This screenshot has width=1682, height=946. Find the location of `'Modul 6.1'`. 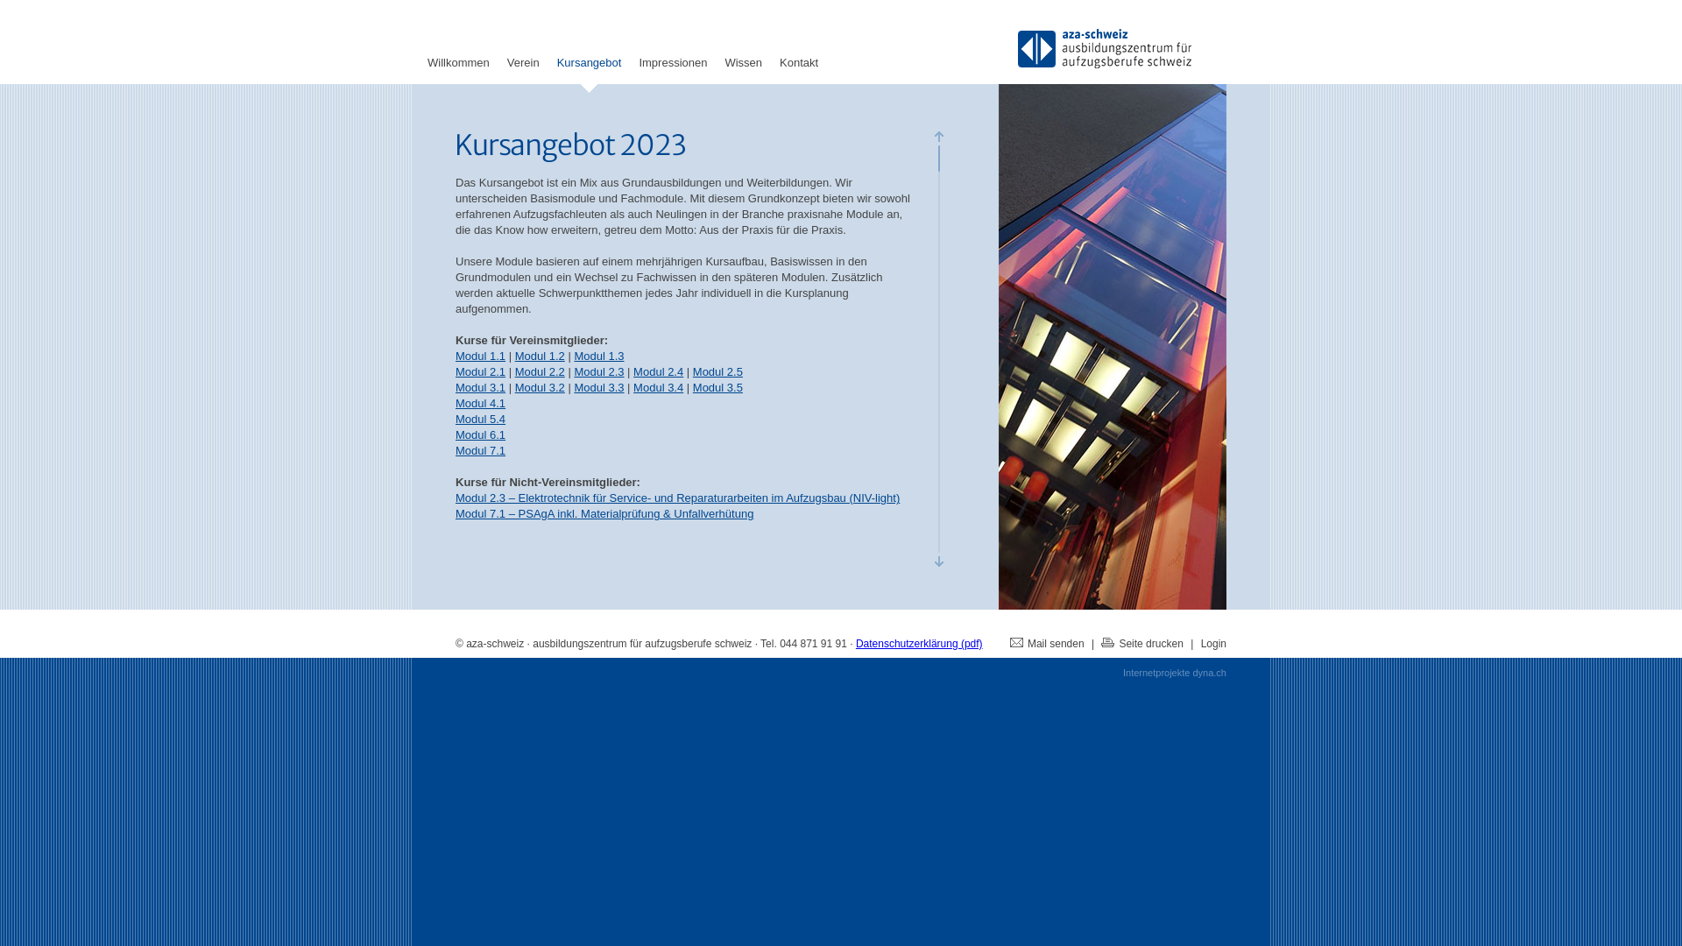

'Modul 6.1' is located at coordinates (480, 434).